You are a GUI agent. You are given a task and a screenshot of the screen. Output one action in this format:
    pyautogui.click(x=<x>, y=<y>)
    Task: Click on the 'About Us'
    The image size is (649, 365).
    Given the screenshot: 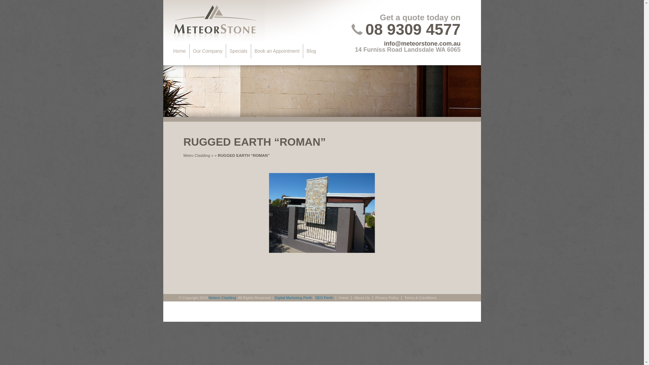 What is the action you would take?
    pyautogui.click(x=361, y=297)
    